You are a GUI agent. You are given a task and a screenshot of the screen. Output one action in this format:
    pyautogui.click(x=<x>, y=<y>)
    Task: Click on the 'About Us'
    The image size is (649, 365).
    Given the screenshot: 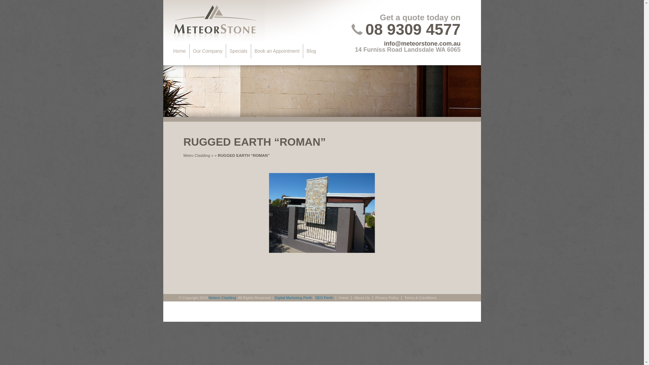 What is the action you would take?
    pyautogui.click(x=361, y=297)
    